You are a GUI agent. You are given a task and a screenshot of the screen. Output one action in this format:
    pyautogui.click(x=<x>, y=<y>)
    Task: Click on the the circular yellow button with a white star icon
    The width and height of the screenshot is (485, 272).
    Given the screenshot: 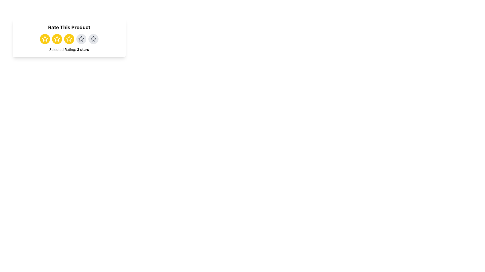 What is the action you would take?
    pyautogui.click(x=69, y=39)
    